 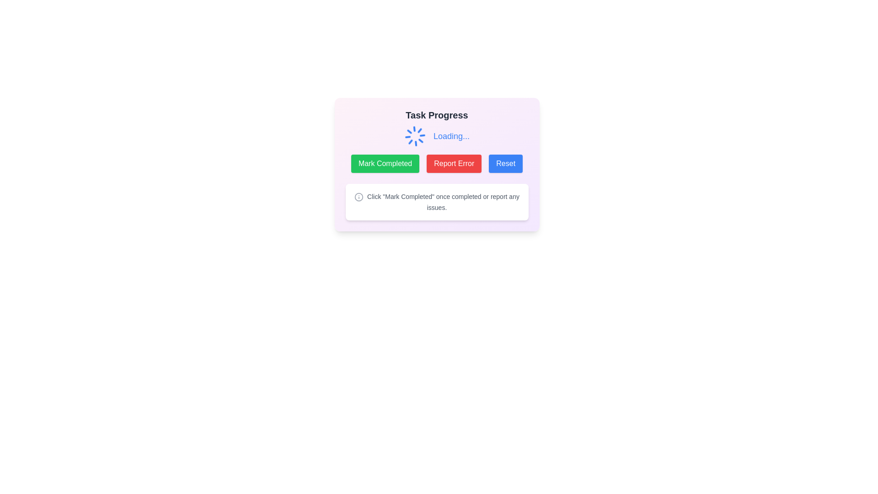 I want to click on the 'Reset' button, which is a rectangular button with white text on a blue background, styled with rounded corners and shadow, positioned below a spinner and 'Loading...' text, so click(x=505, y=163).